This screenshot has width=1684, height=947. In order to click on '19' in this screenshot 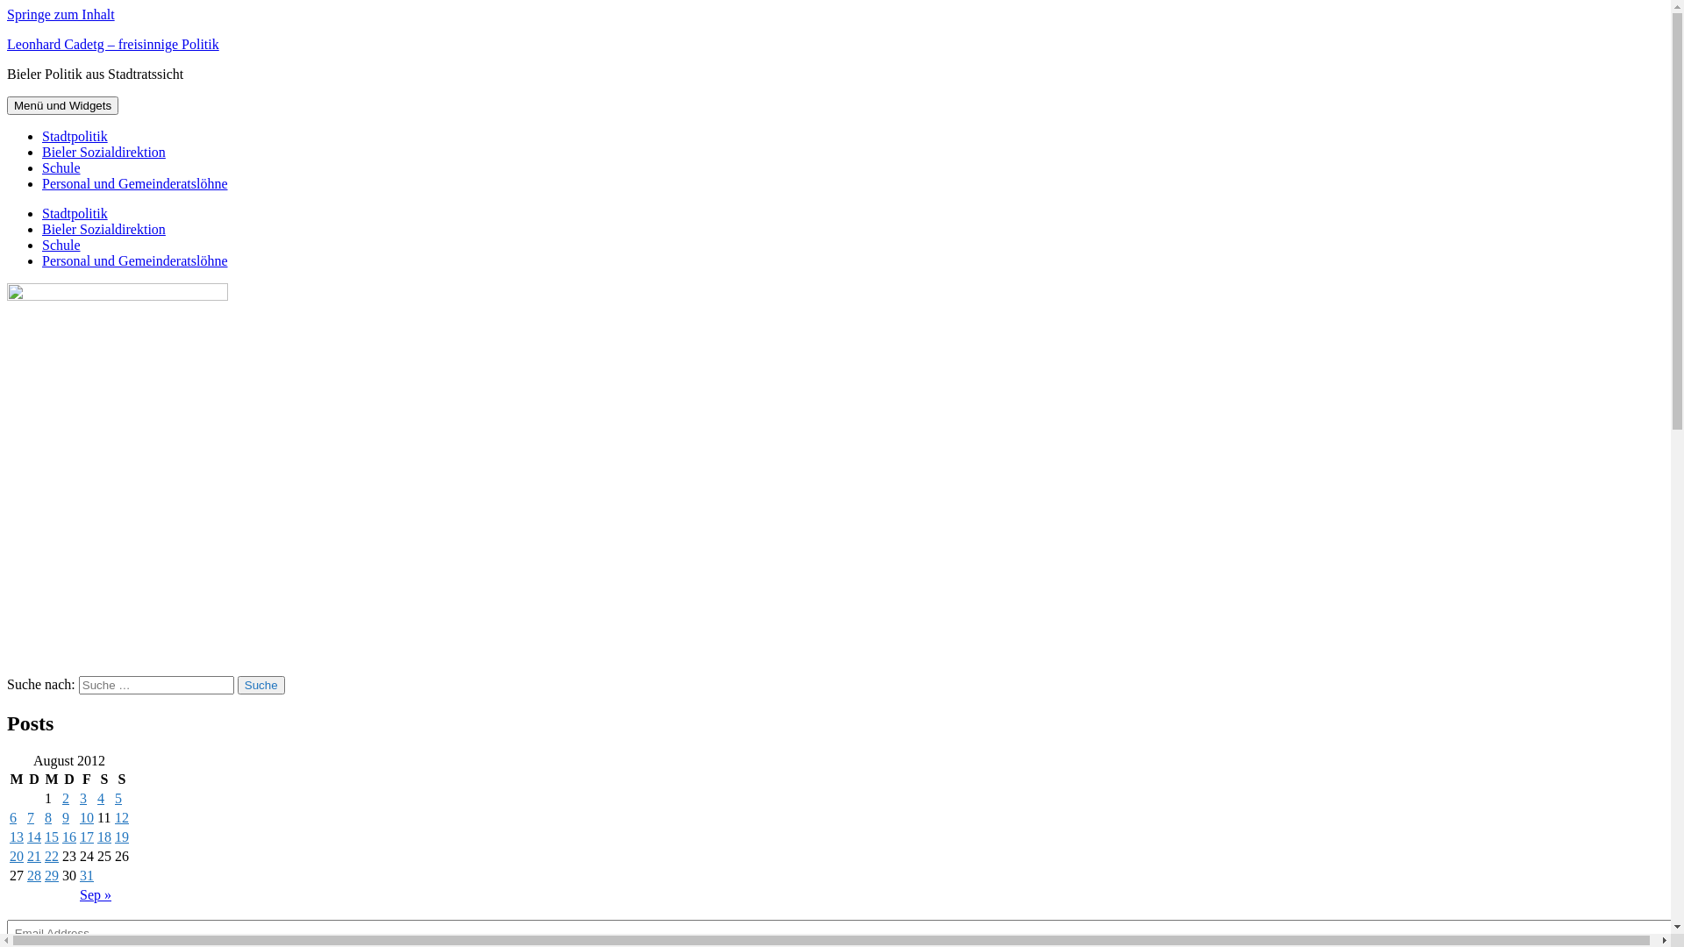, I will do `click(121, 836)`.